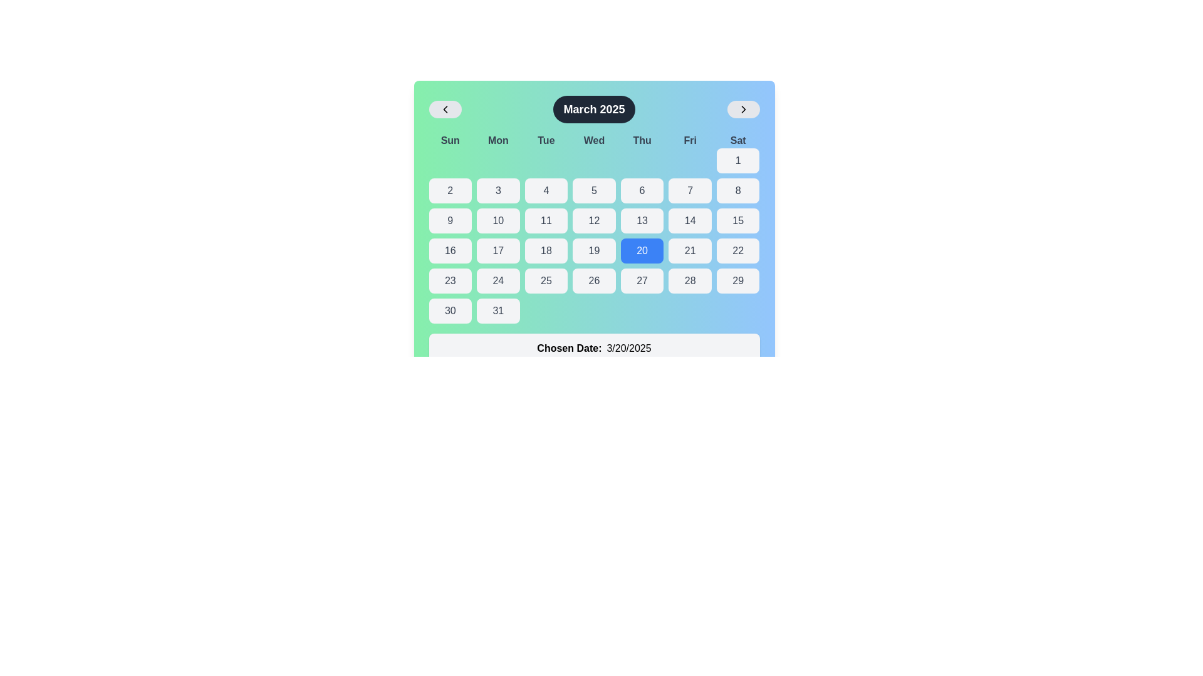 This screenshot has width=1203, height=676. Describe the element at coordinates (743, 108) in the screenshot. I see `the 'next' navigation icon located in the top right corner of the calendar interface` at that location.